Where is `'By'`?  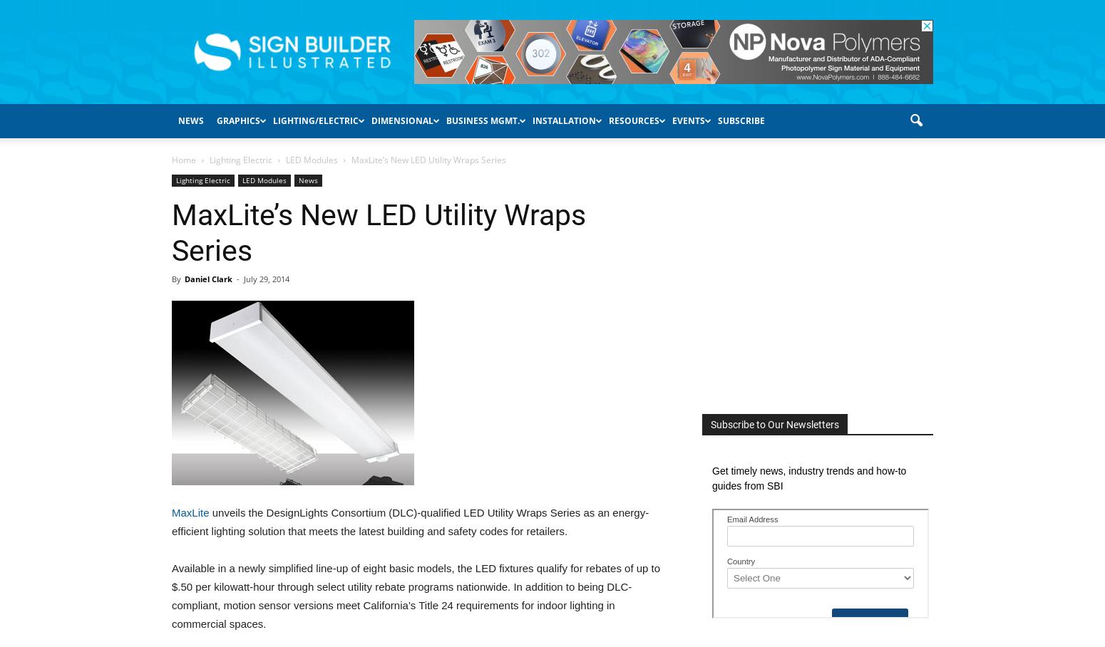 'By' is located at coordinates (172, 278).